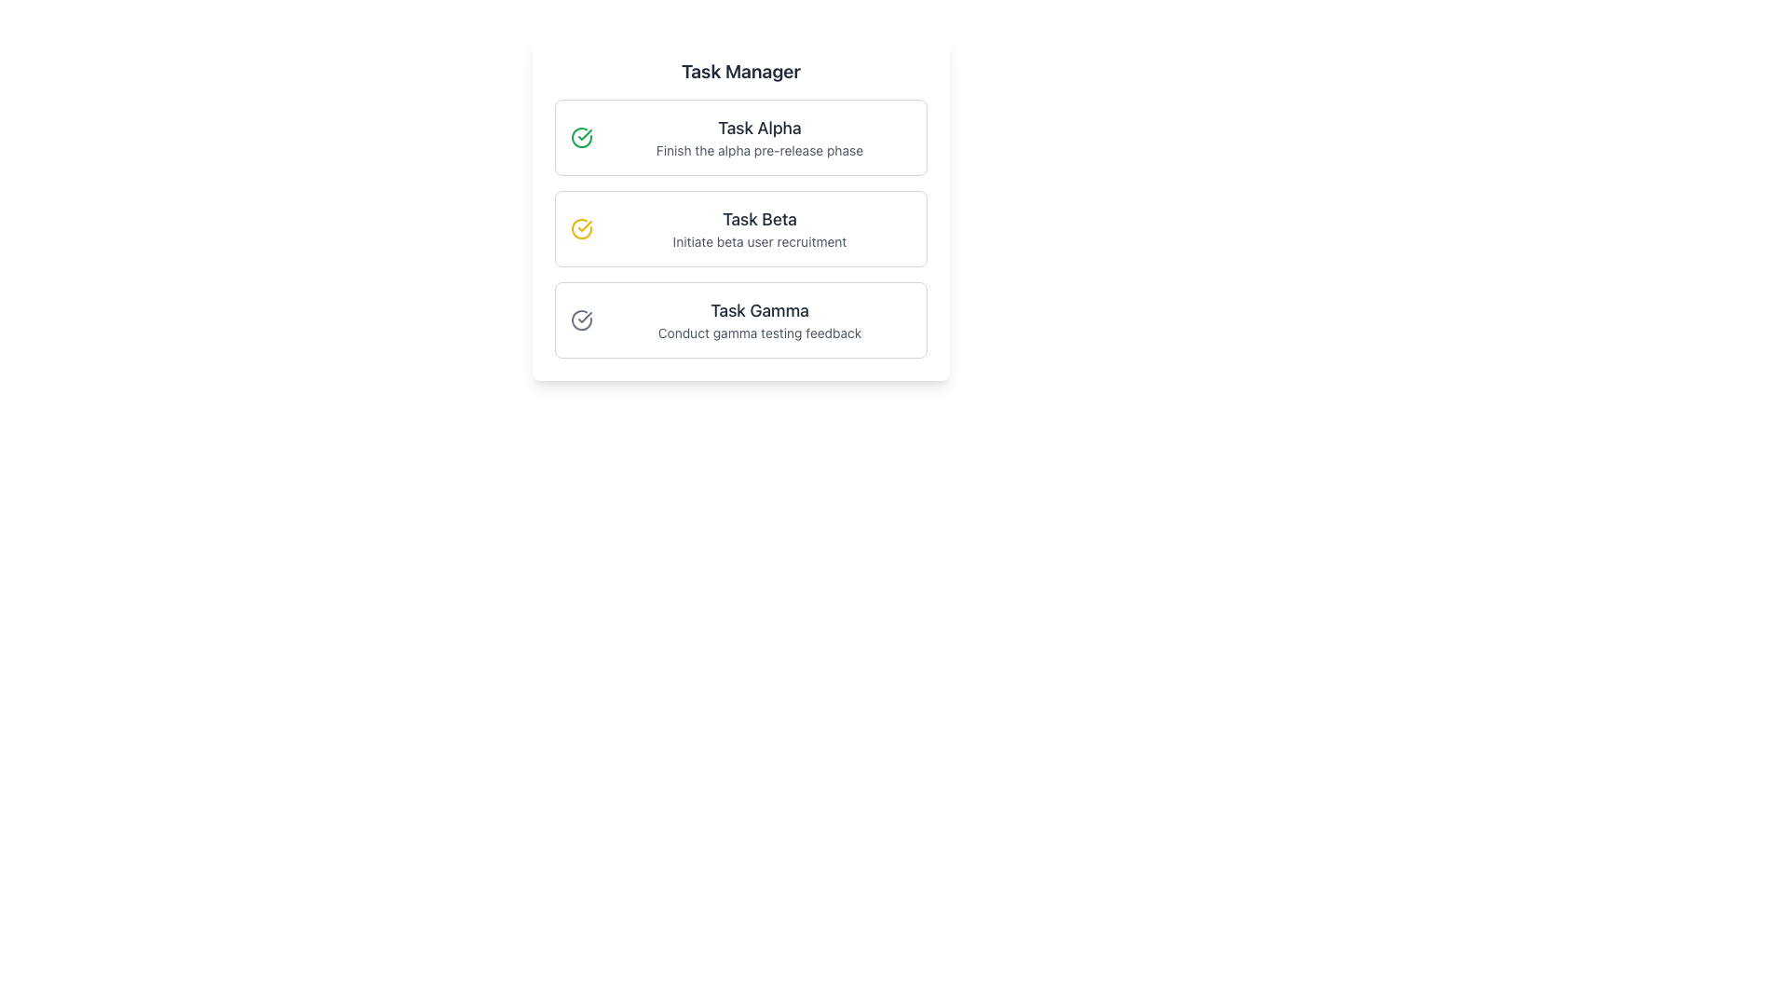  What do you see at coordinates (760, 240) in the screenshot?
I see `the text element labeled 'Initiate beta user recruitment', which is styled in a small, gray, sans-serif font, located under the 'Task Beta' heading` at bounding box center [760, 240].